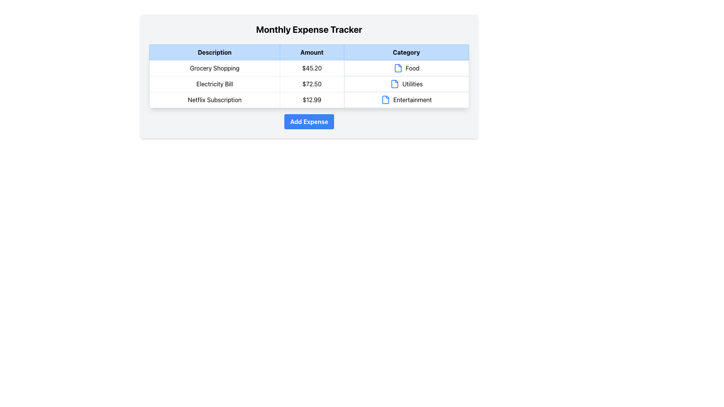  I want to click on the static text component displaying the monetary value for the 'Electricity Bill' entry in the 'Monthly Expense Tracker', so click(312, 84).